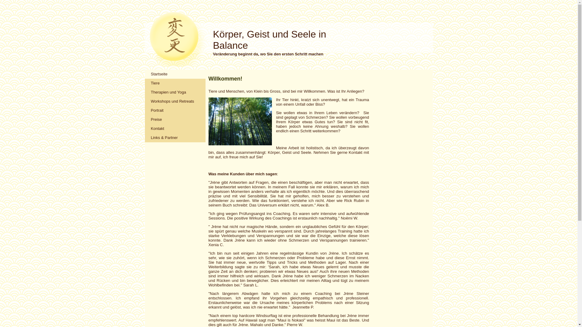 The width and height of the screenshot is (582, 327). What do you see at coordinates (145, 111) in the screenshot?
I see `'Portrait'` at bounding box center [145, 111].